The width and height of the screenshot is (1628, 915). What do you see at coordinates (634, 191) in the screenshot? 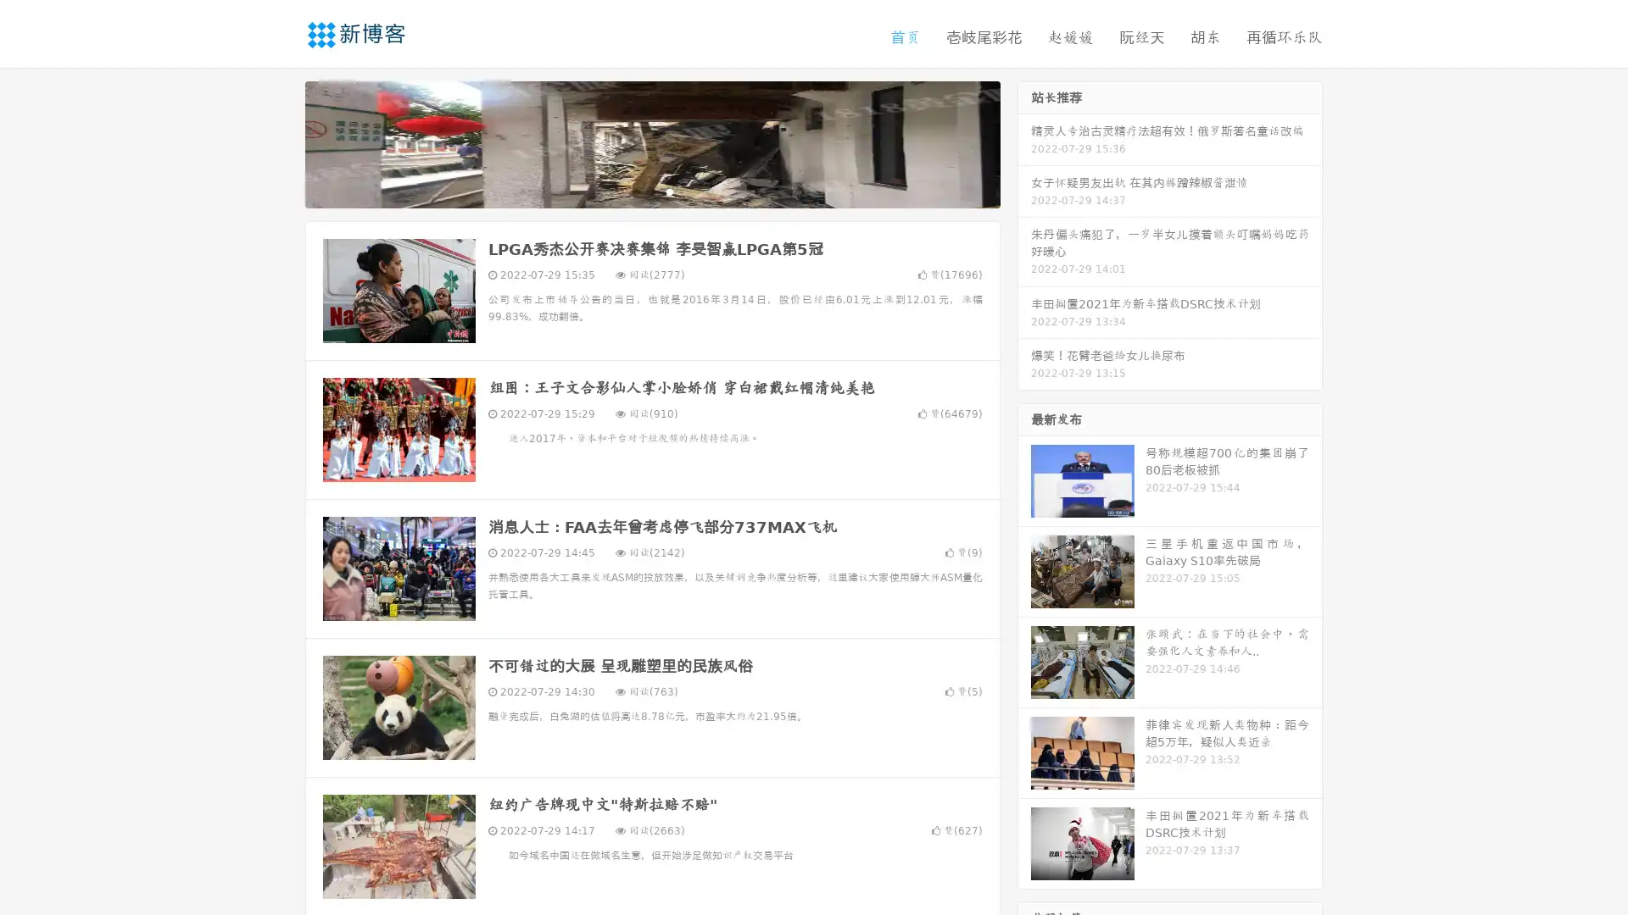
I see `Go to slide 1` at bounding box center [634, 191].